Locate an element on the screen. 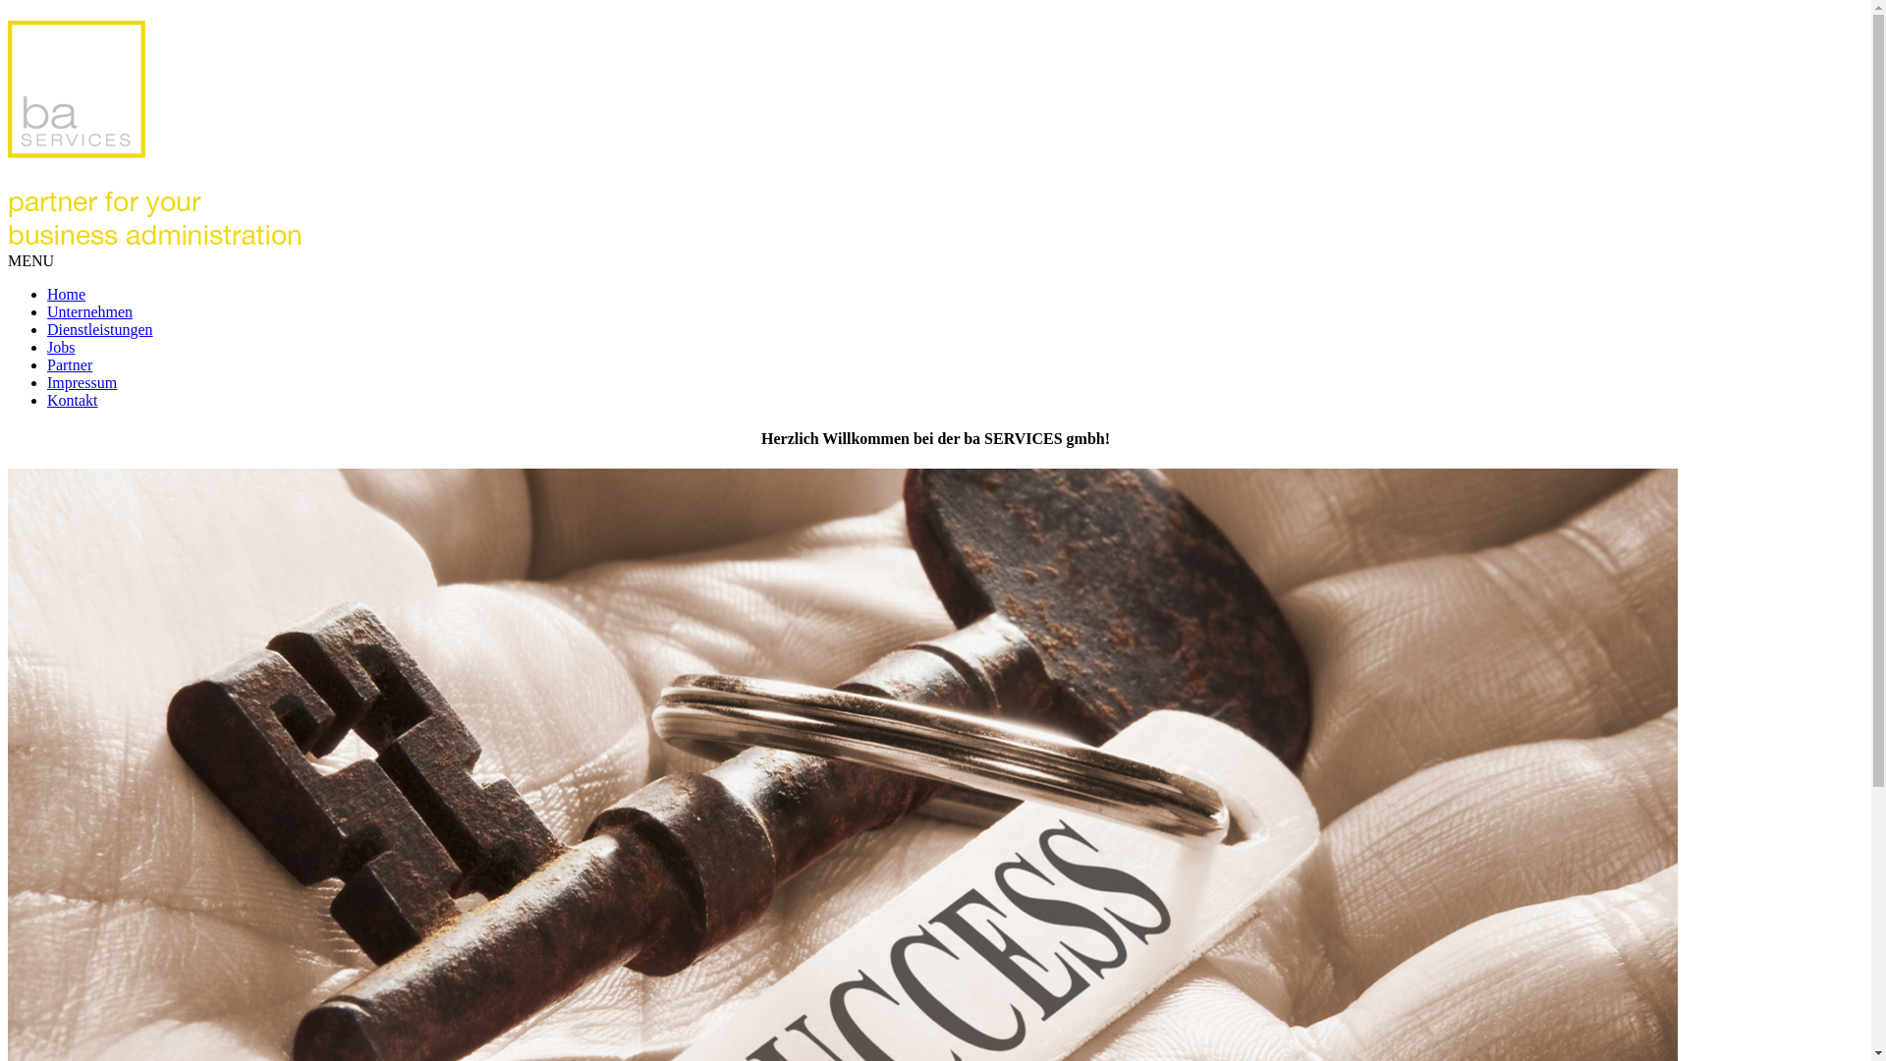  'Jobs' is located at coordinates (61, 346).